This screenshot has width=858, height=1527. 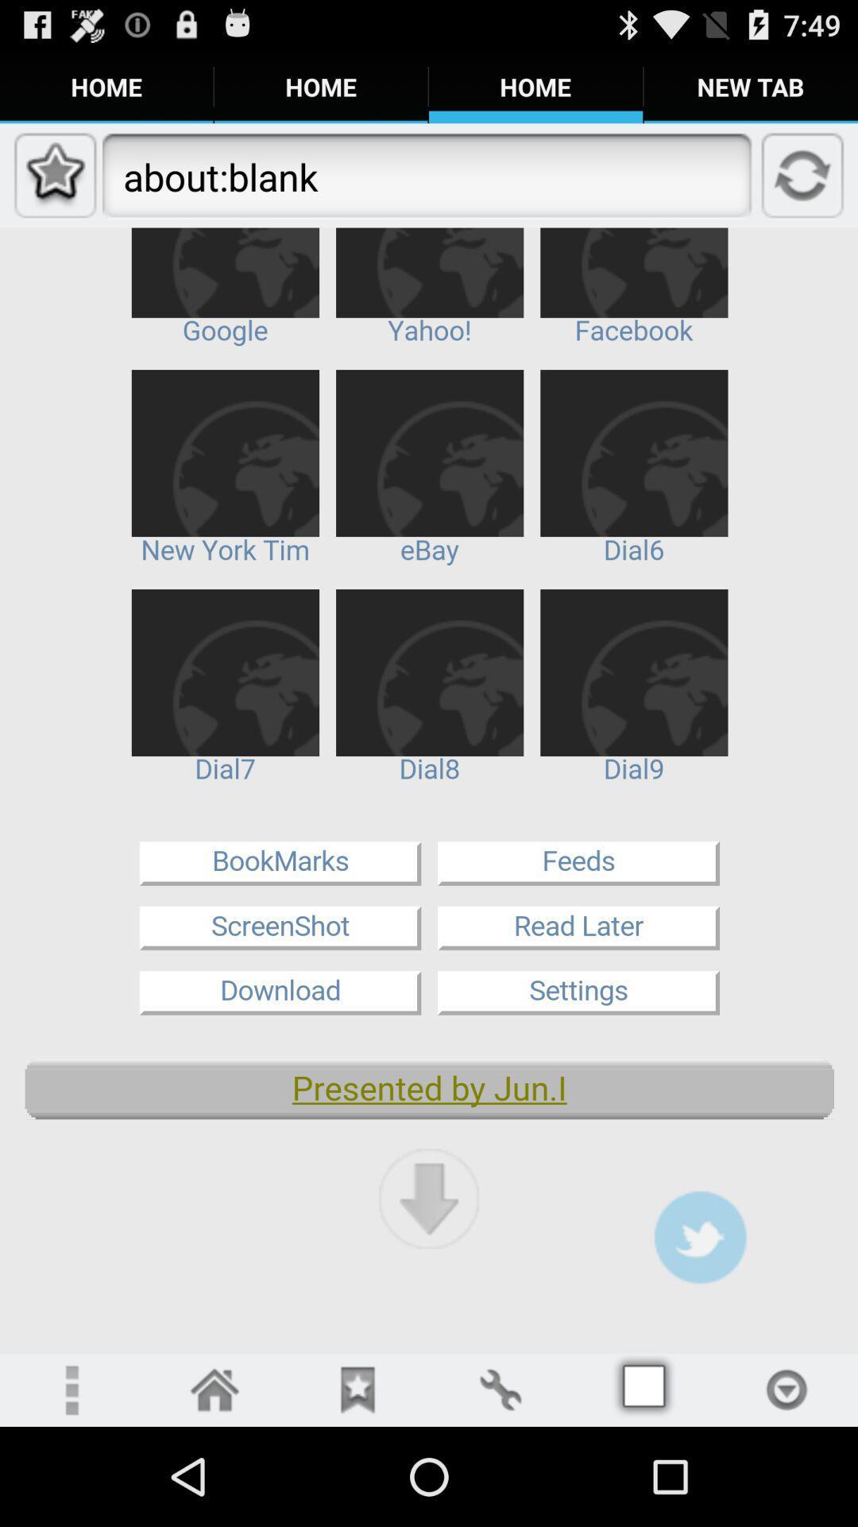 I want to click on the home icon, so click(x=214, y=1486).